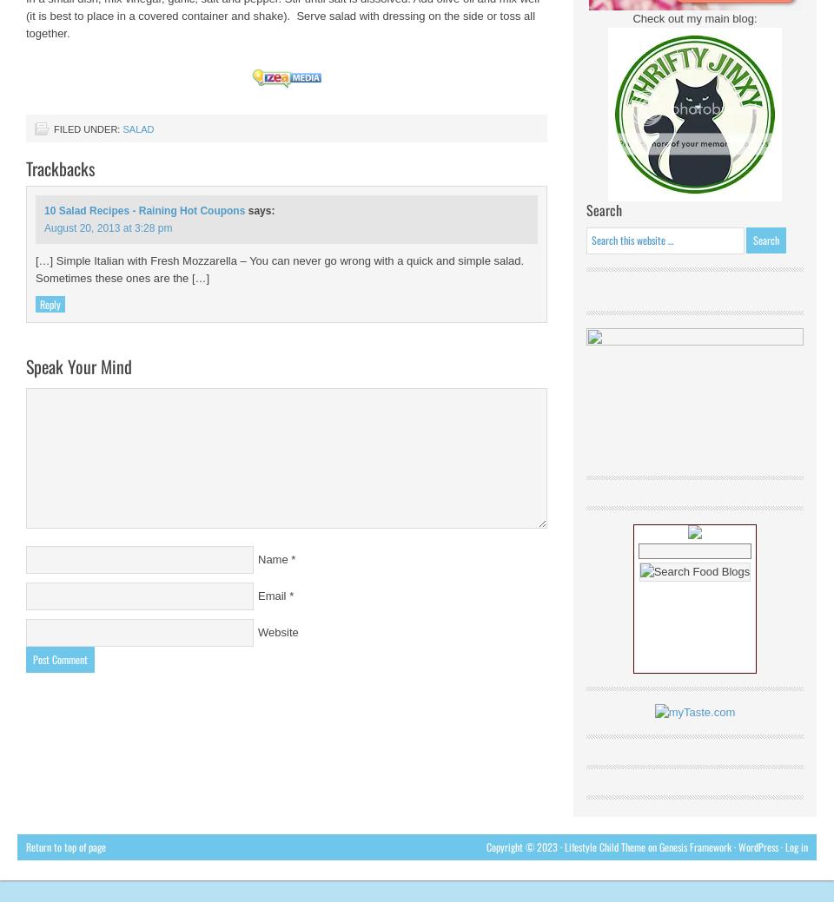 The image size is (834, 902). Describe the element at coordinates (277, 631) in the screenshot. I see `'Website'` at that location.